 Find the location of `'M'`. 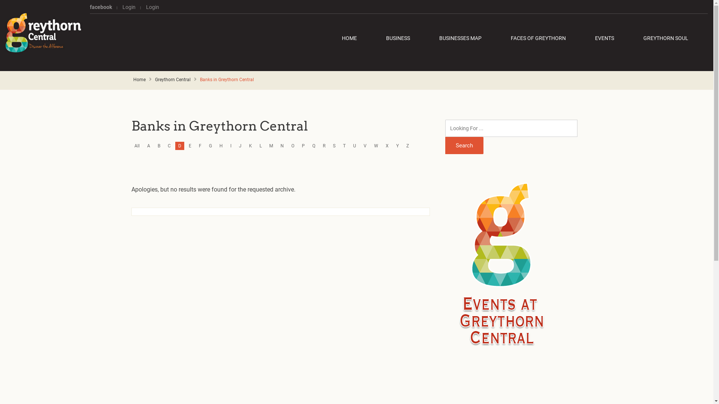

'M' is located at coordinates (266, 146).